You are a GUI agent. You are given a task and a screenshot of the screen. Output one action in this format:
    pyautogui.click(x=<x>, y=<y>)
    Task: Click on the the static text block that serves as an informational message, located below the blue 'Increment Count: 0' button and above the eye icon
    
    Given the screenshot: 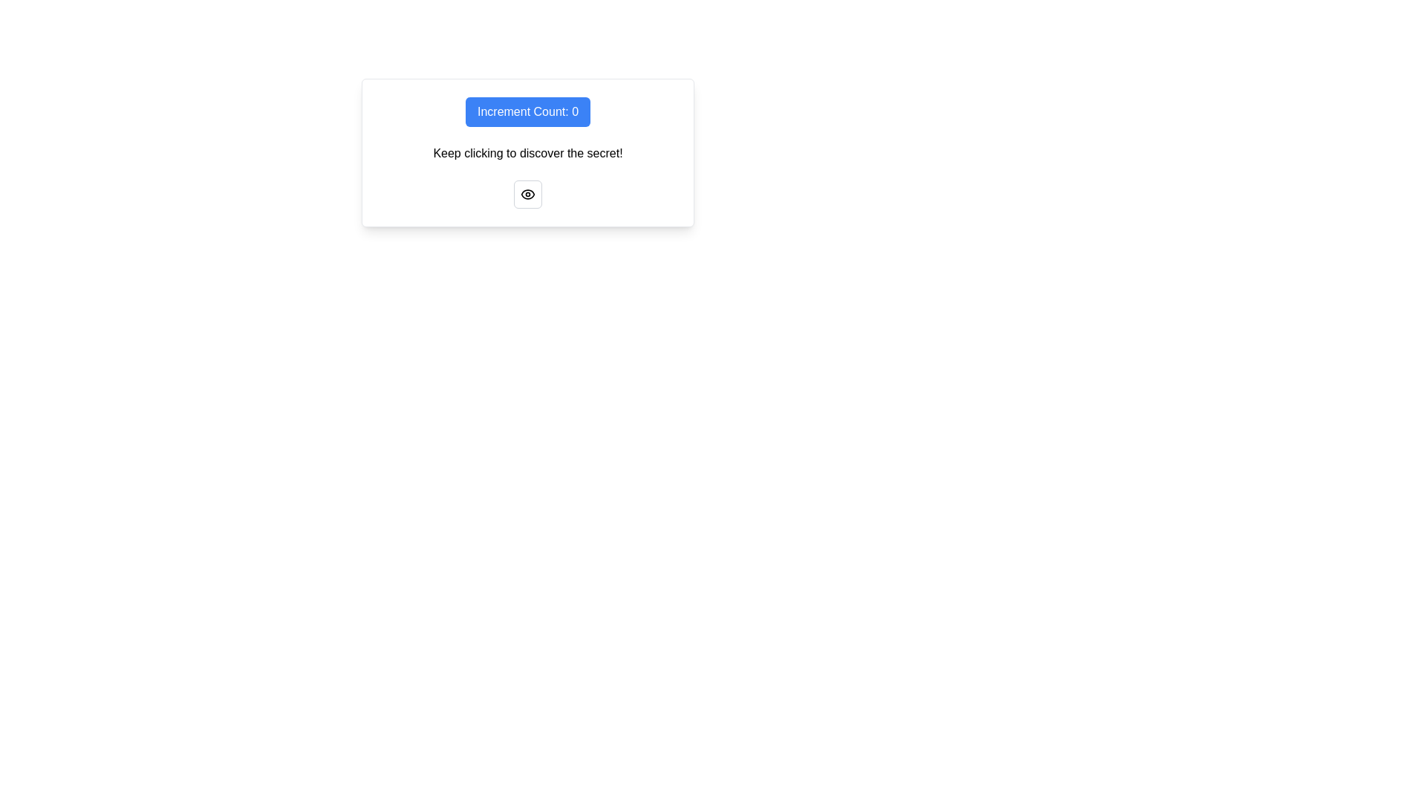 What is the action you would take?
    pyautogui.click(x=527, y=154)
    